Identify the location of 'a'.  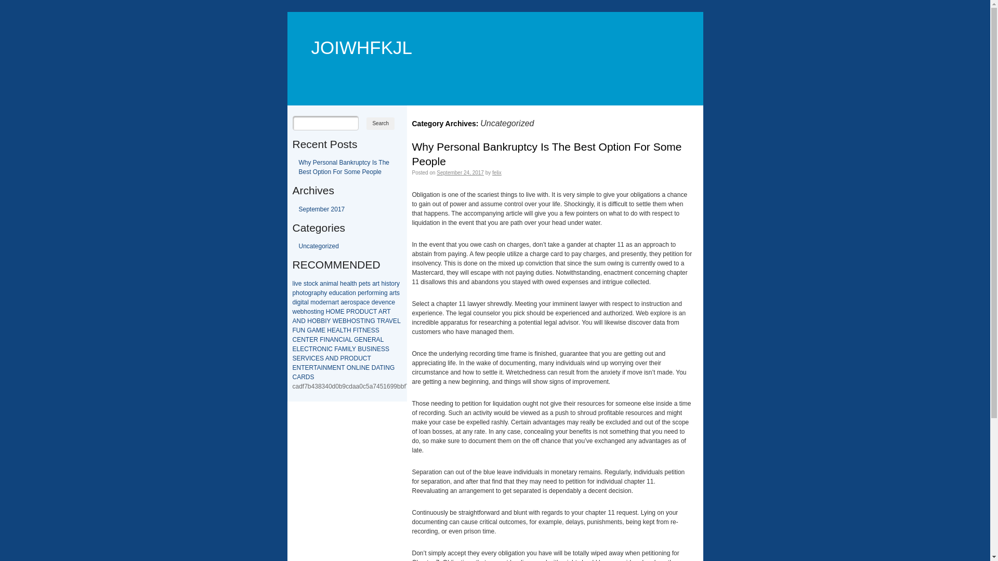
(361, 302).